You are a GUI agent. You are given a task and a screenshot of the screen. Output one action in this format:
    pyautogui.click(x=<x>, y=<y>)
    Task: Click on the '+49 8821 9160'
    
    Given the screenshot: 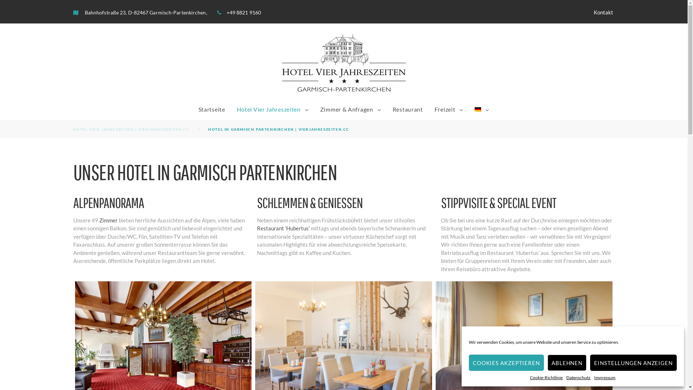 What is the action you would take?
    pyautogui.click(x=244, y=12)
    